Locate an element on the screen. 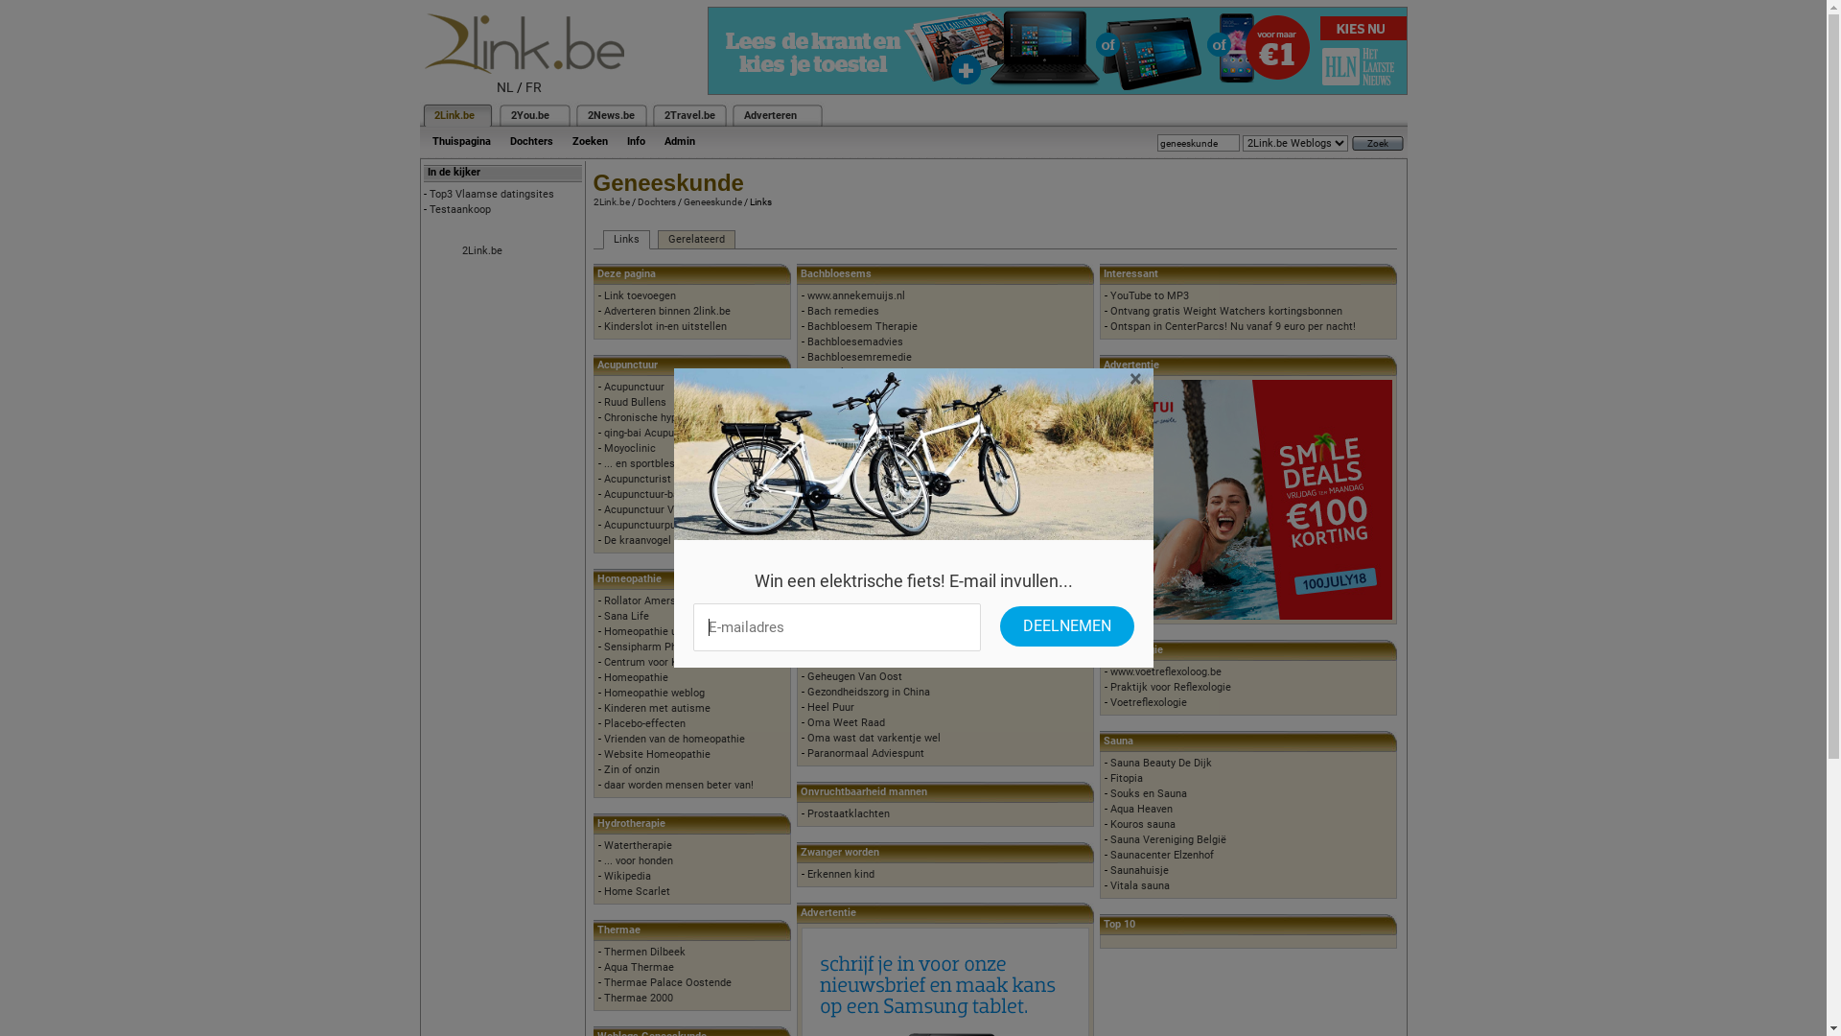 The width and height of the screenshot is (1841, 1036). 'Info' is located at coordinates (636, 140).